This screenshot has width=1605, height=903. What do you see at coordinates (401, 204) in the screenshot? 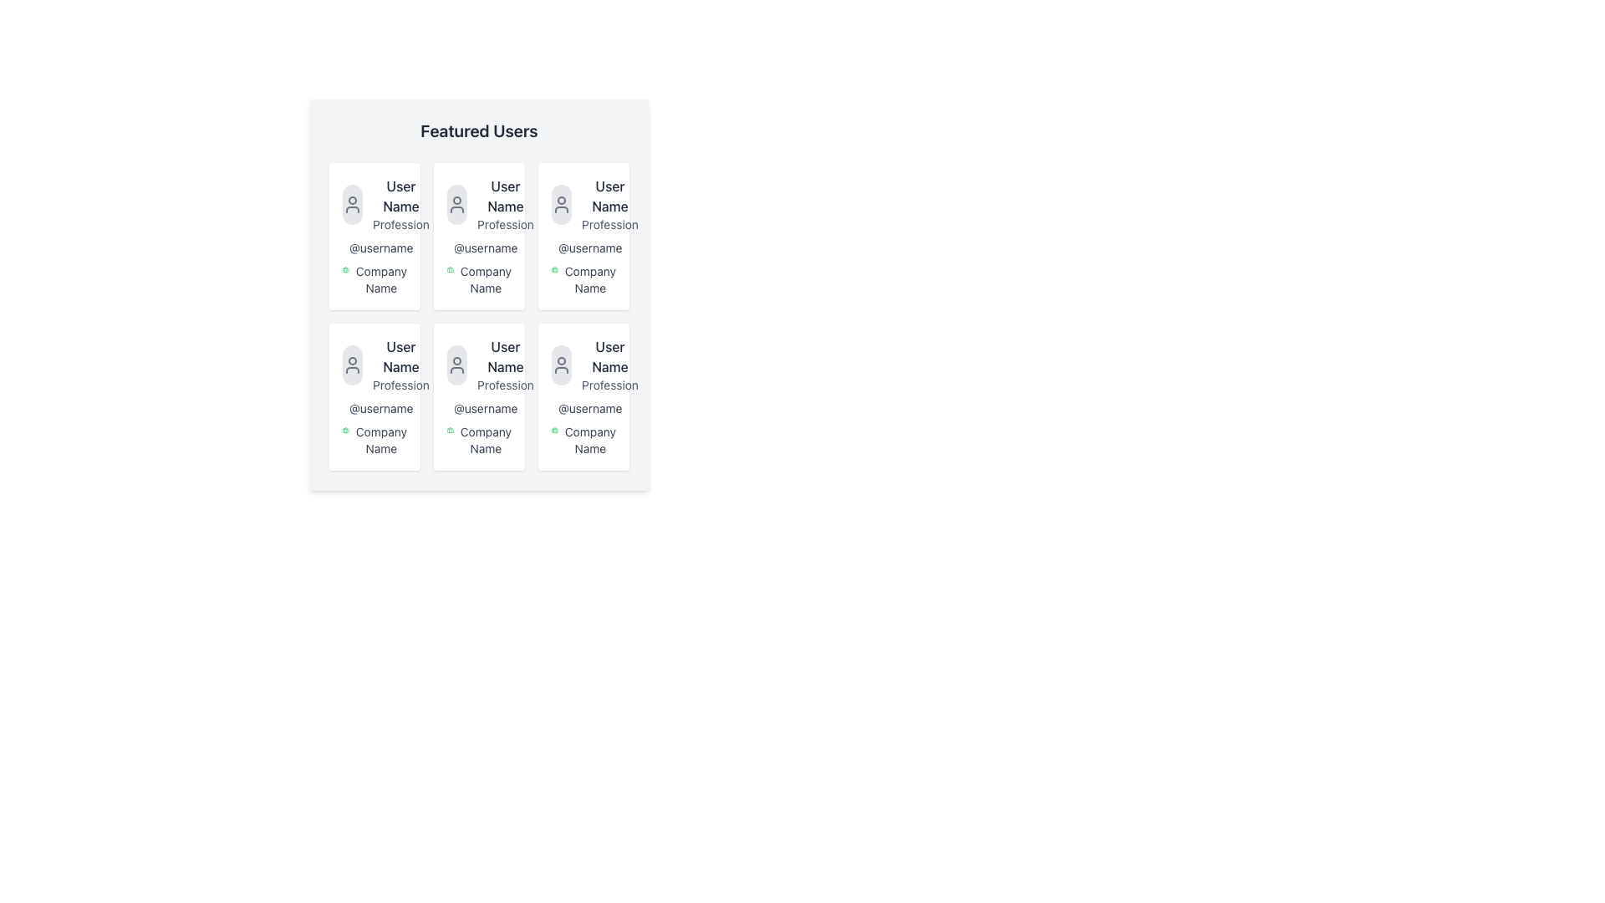
I see `the text block` at bounding box center [401, 204].